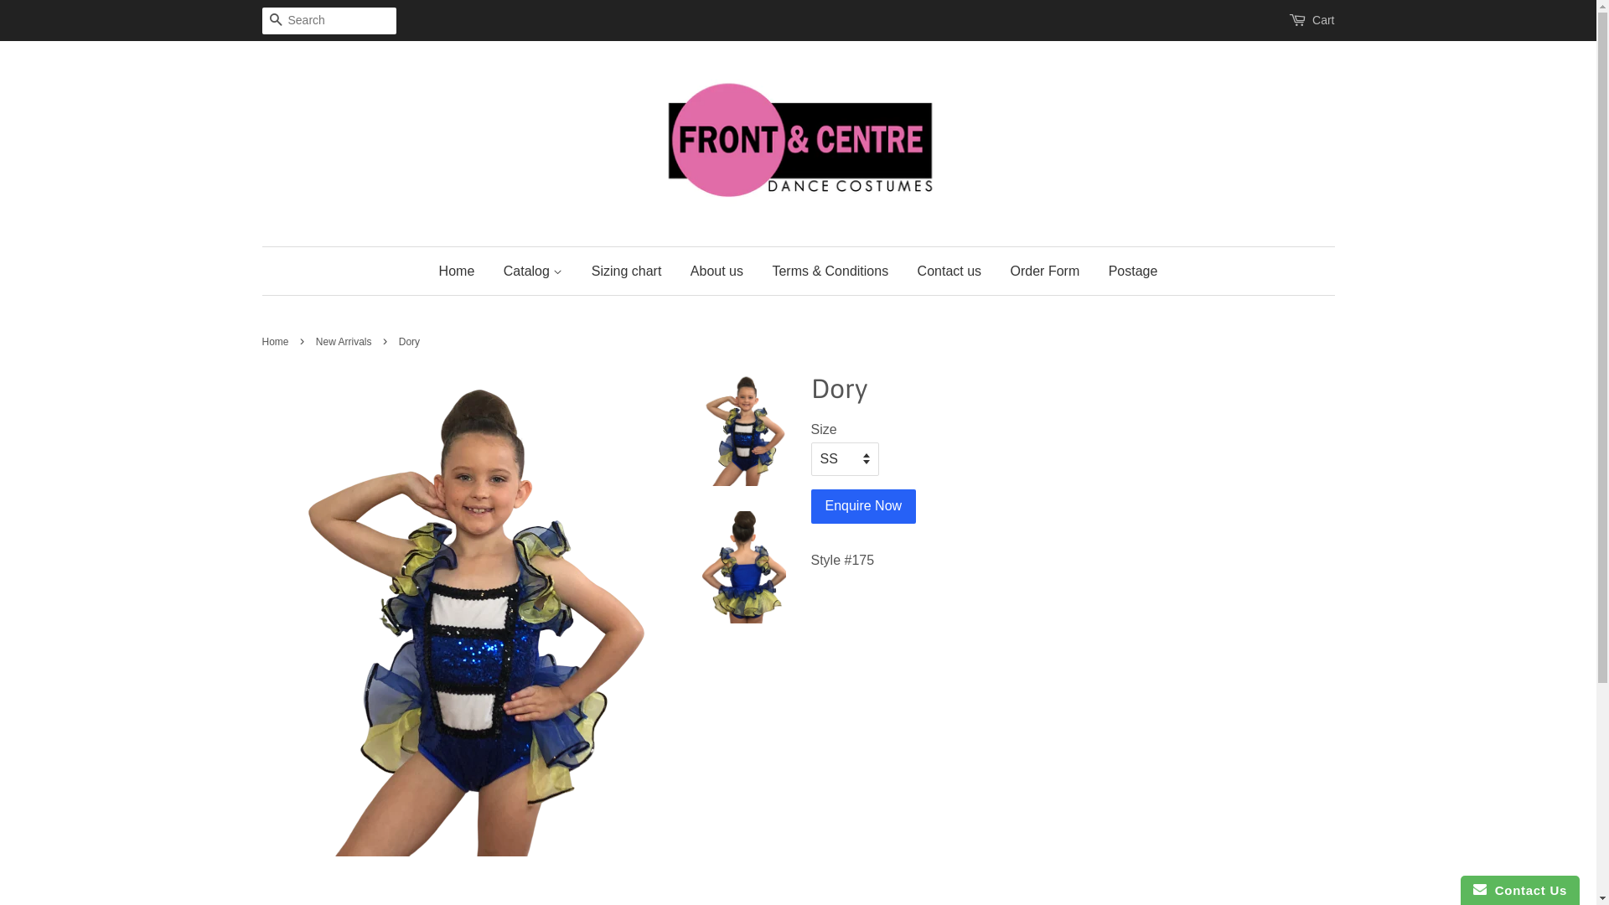  Describe the element at coordinates (1322, 20) in the screenshot. I see `'Cart'` at that location.